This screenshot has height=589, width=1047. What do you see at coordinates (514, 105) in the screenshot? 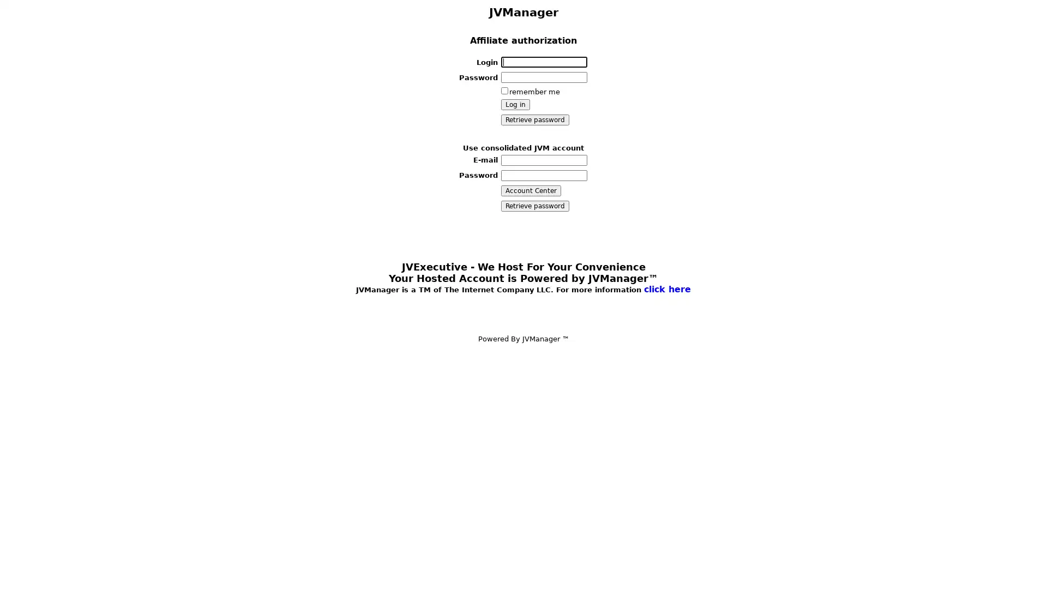
I see `Log in` at bounding box center [514, 105].